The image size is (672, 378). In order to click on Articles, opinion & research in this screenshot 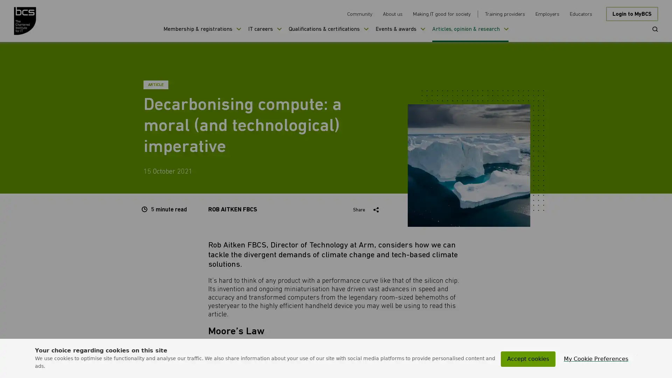, I will do `click(470, 34)`.